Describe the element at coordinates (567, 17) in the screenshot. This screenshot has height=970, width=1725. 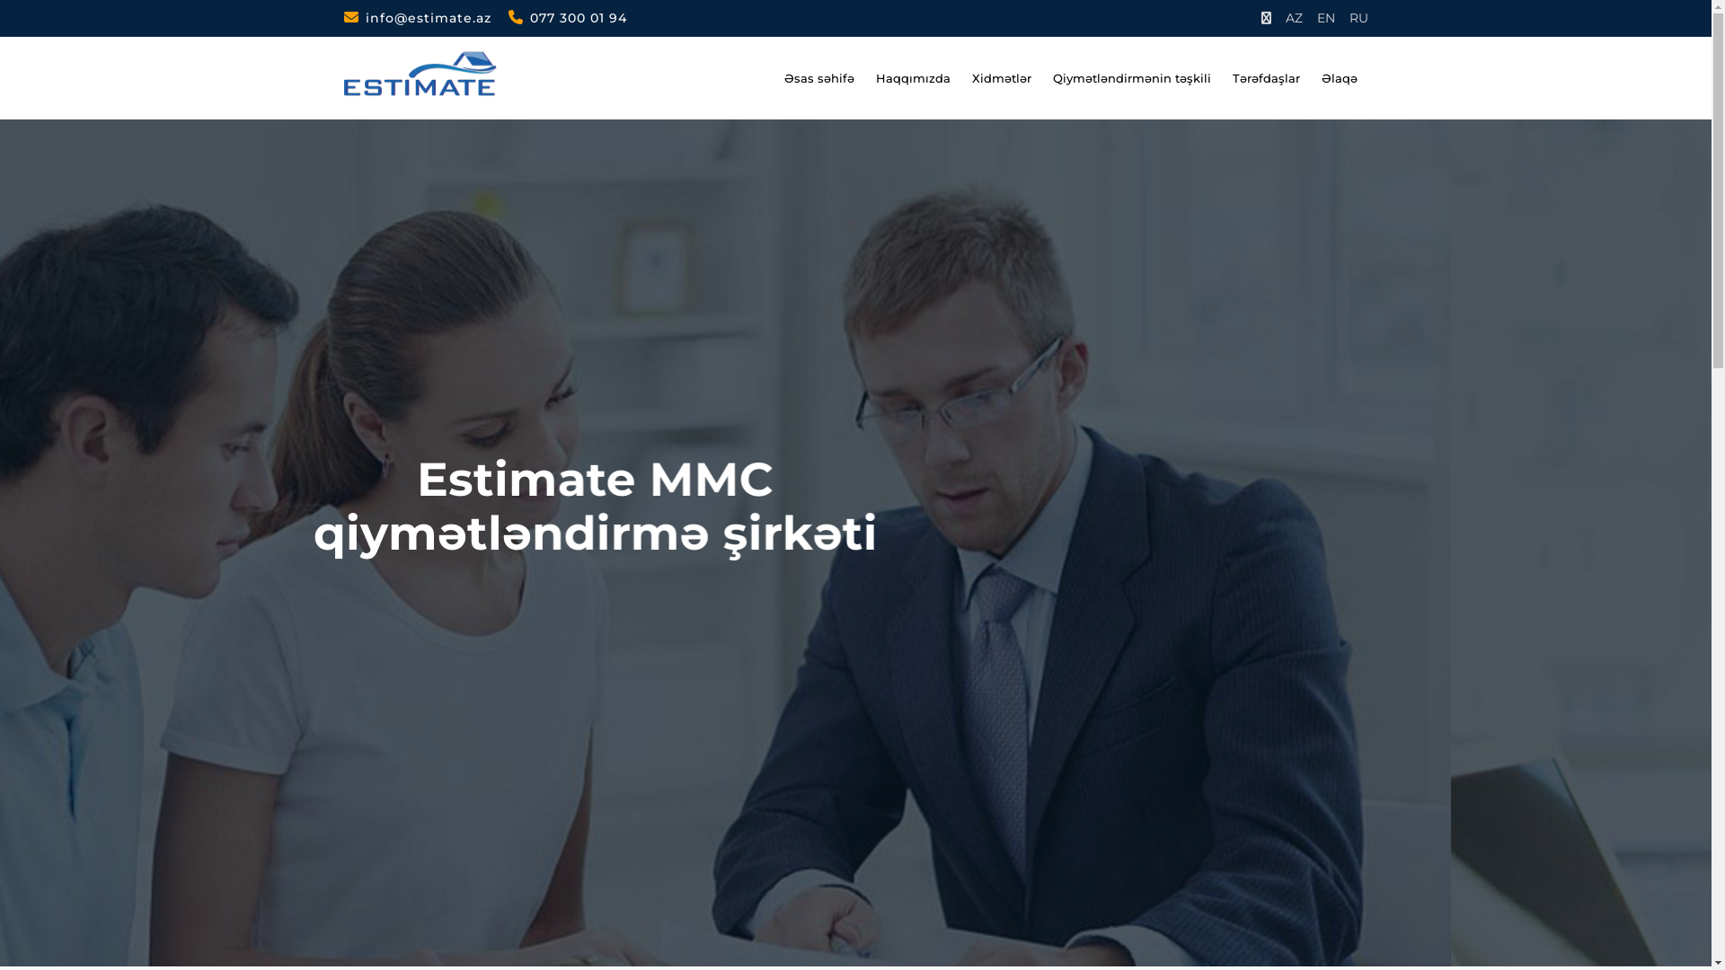
I see `'077 300 01 94'` at that location.